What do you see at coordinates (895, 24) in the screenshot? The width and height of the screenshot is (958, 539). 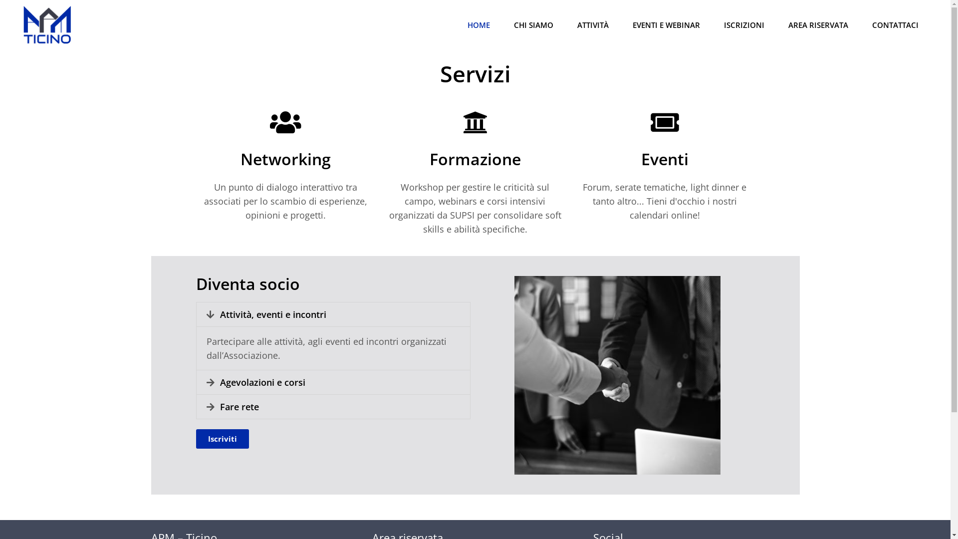 I see `'CONTATTACI'` at bounding box center [895, 24].